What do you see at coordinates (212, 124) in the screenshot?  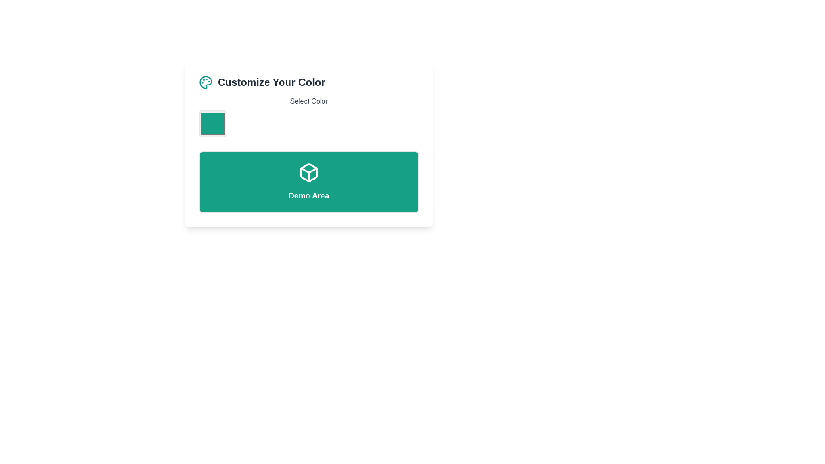 I see `the Color picker input with a teal background and gray border` at bounding box center [212, 124].